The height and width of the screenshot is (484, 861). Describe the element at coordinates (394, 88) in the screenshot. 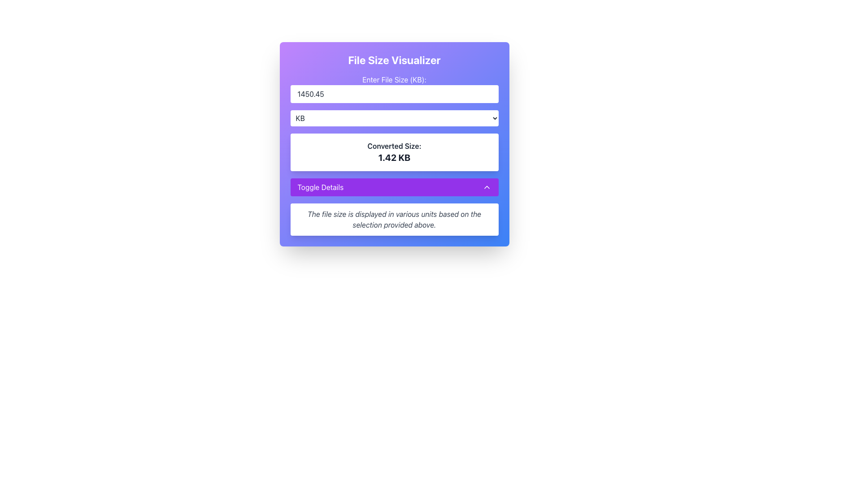

I see `the Number input field for entering file size in kilobytes, located beneath the 'File Size Visualizer' heading` at that location.